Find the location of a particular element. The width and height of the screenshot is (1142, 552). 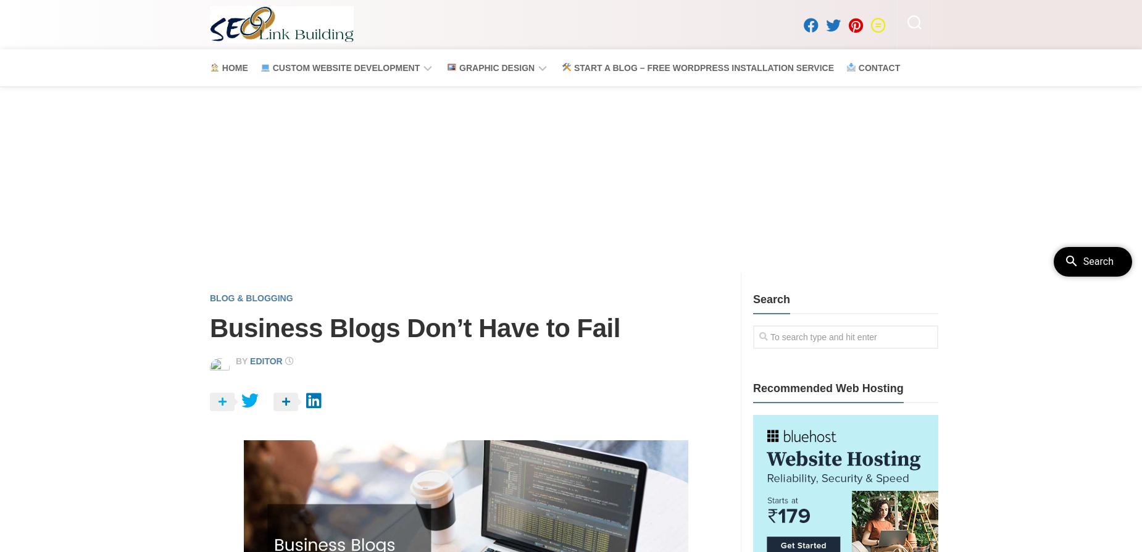

'Graphic Design' is located at coordinates (496, 67).